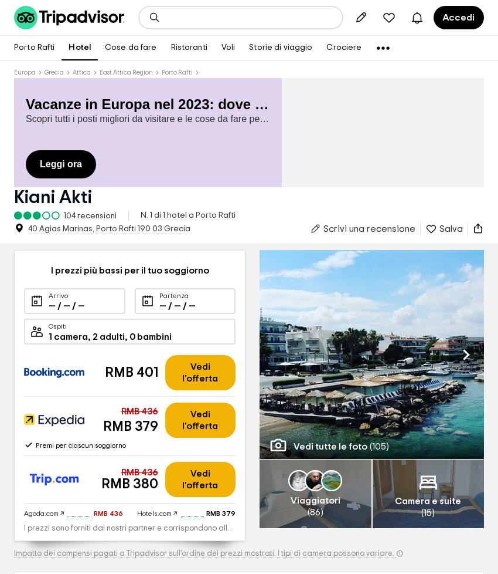  Describe the element at coordinates (52, 197) in the screenshot. I see `'Kiani Akti'` at that location.